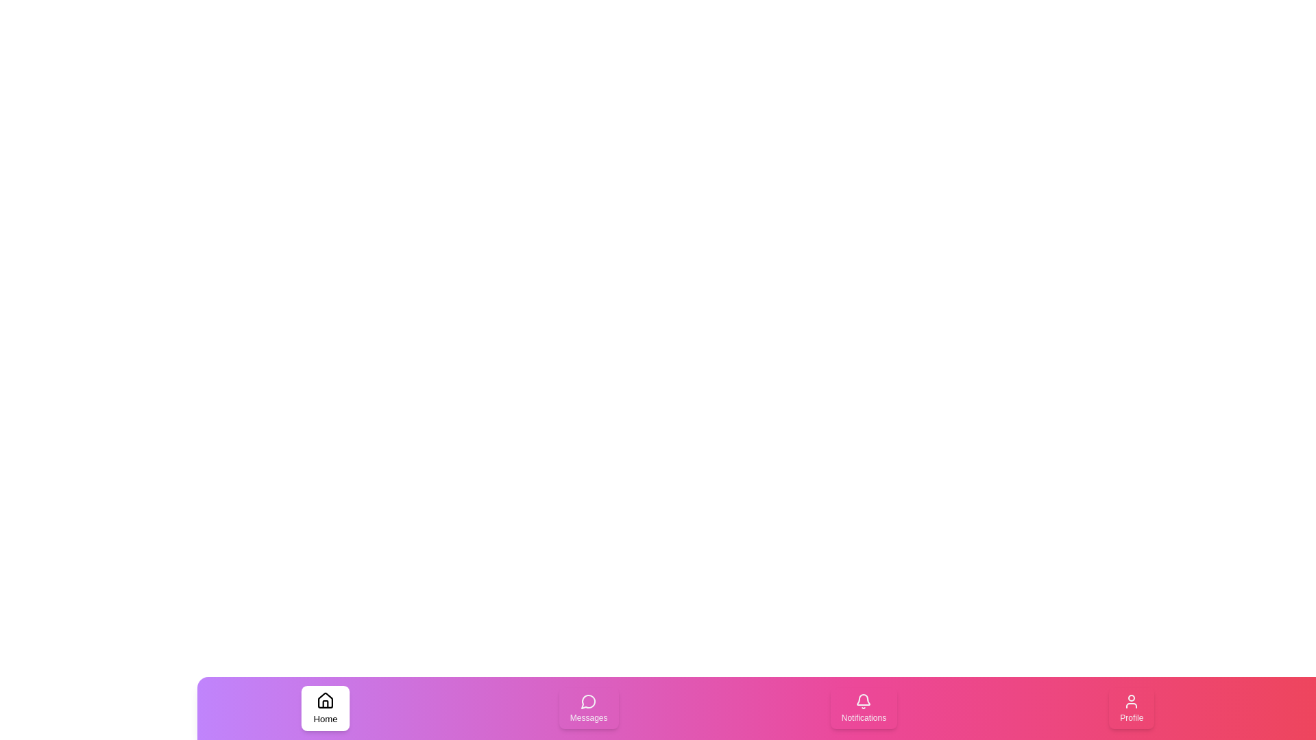 The width and height of the screenshot is (1316, 740). I want to click on the tab labeled Notifications by clicking on it, so click(863, 708).